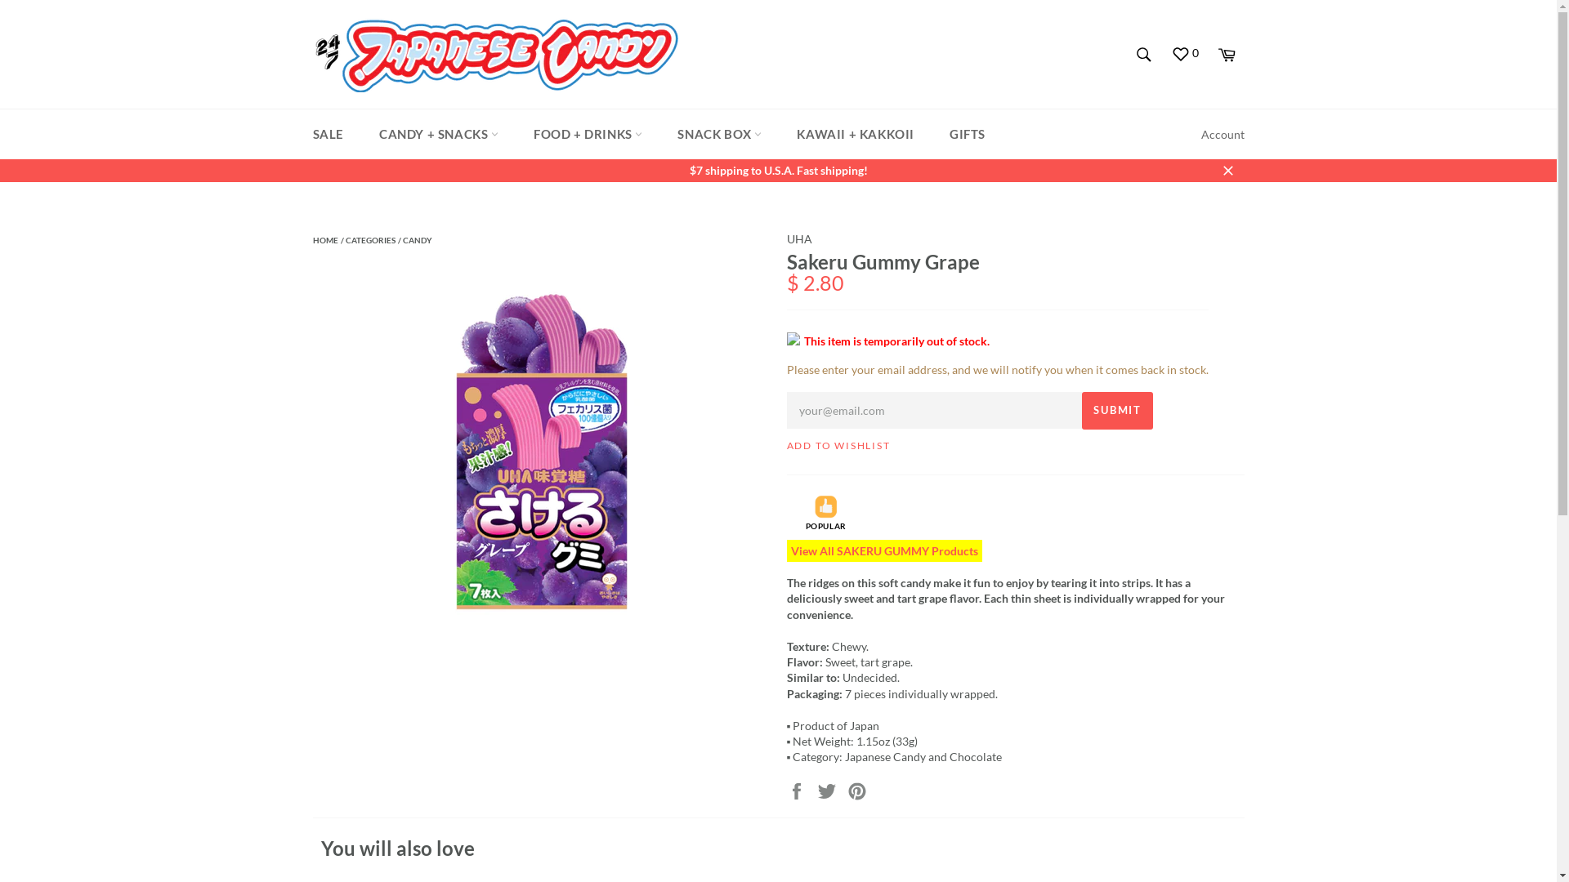 The width and height of the screenshot is (1569, 882). I want to click on 'Share on Facebook', so click(797, 788).